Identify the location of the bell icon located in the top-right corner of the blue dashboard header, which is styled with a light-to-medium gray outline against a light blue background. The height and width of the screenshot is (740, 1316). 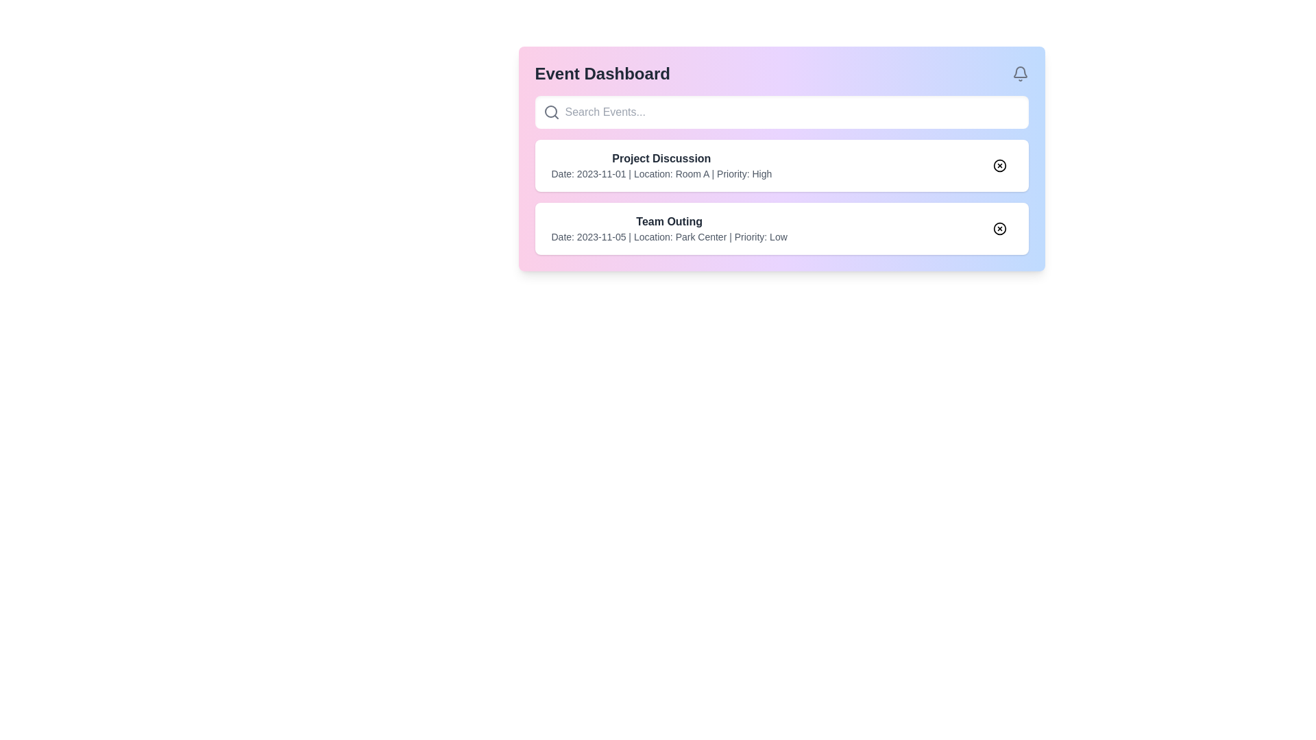
(1020, 72).